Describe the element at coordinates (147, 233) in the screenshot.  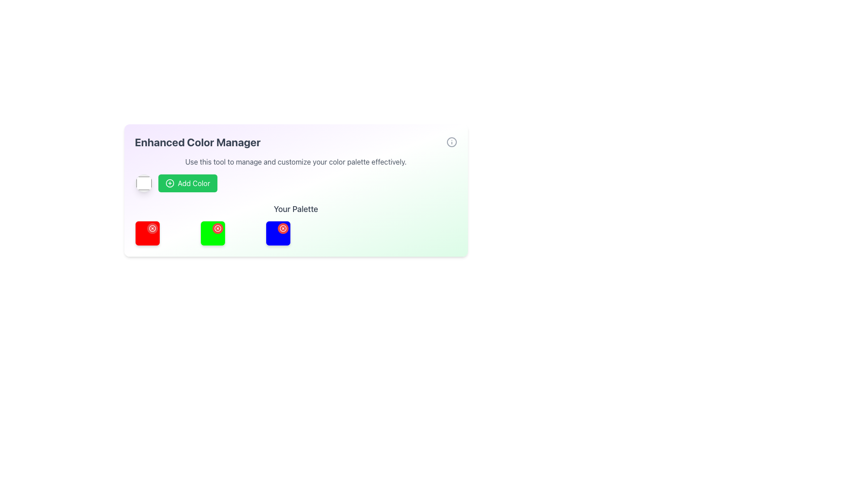
I see `the first interactive color block` at that location.